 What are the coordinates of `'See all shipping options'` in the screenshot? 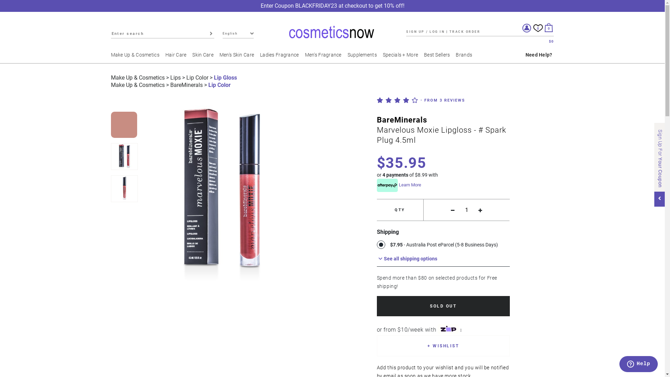 It's located at (443, 258).